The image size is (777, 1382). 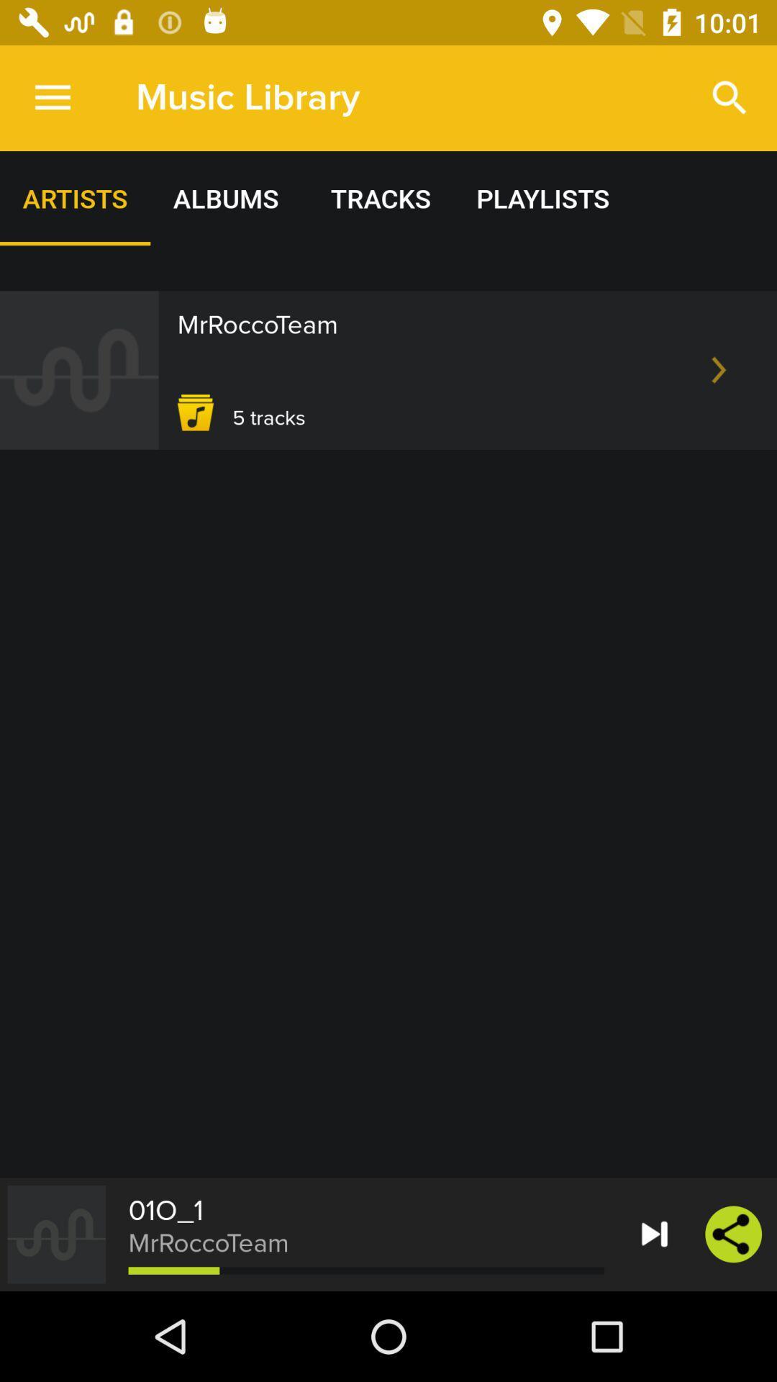 I want to click on the forward icon, so click(x=655, y=1233).